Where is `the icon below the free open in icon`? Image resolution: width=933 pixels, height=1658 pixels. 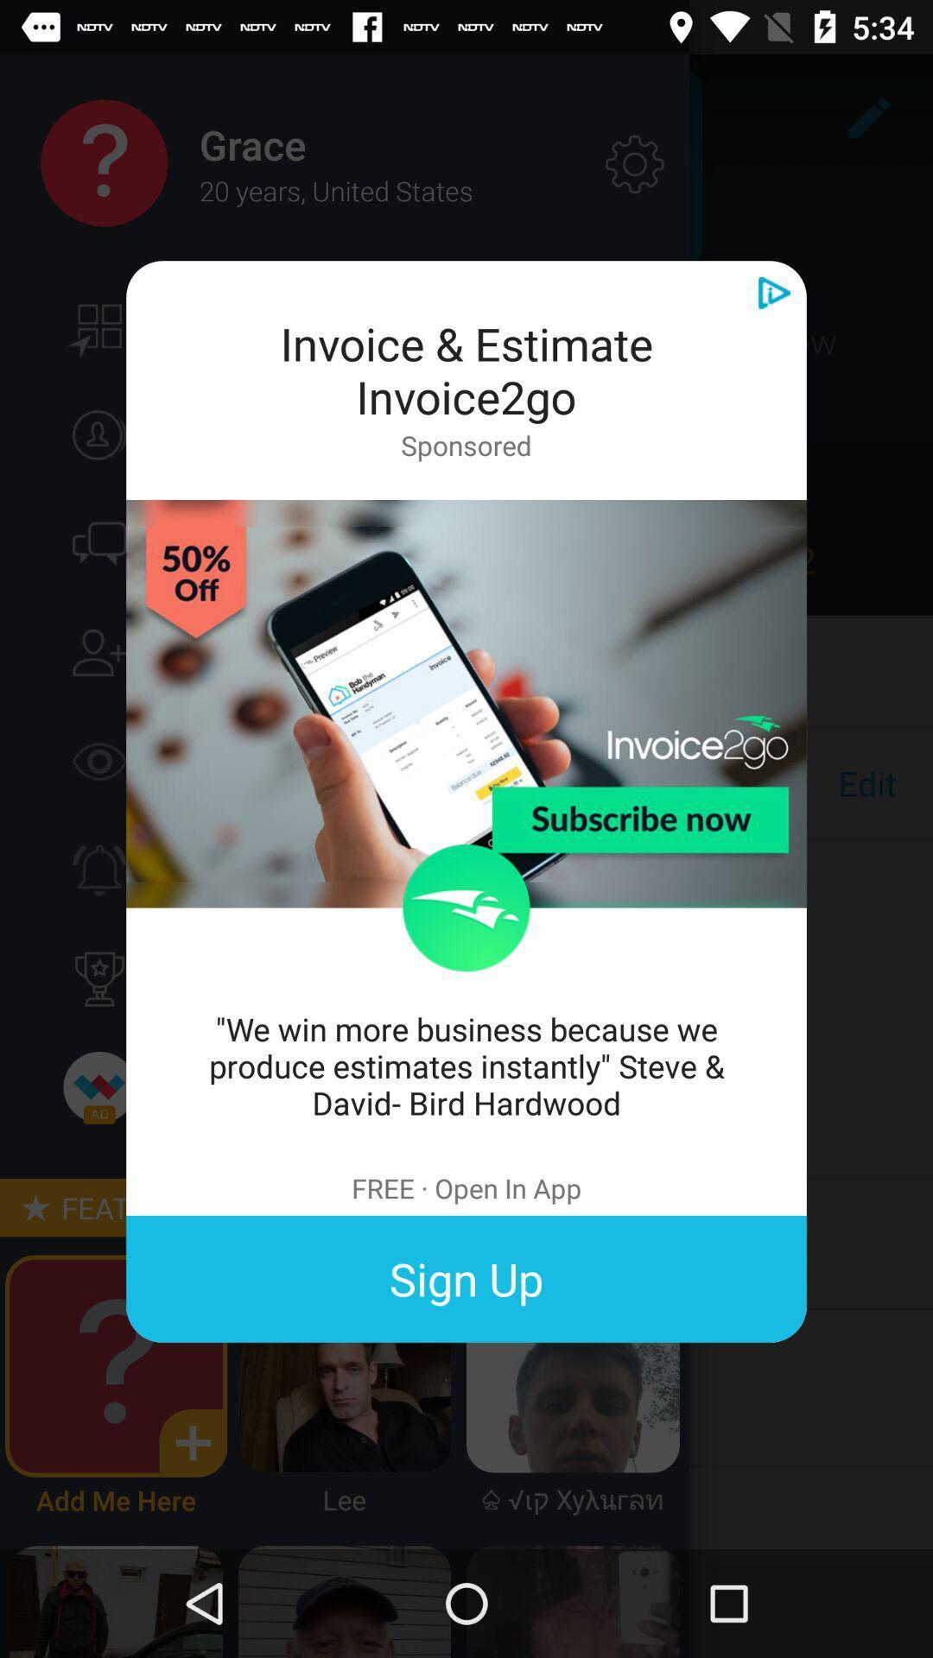 the icon below the free open in icon is located at coordinates (466, 1279).